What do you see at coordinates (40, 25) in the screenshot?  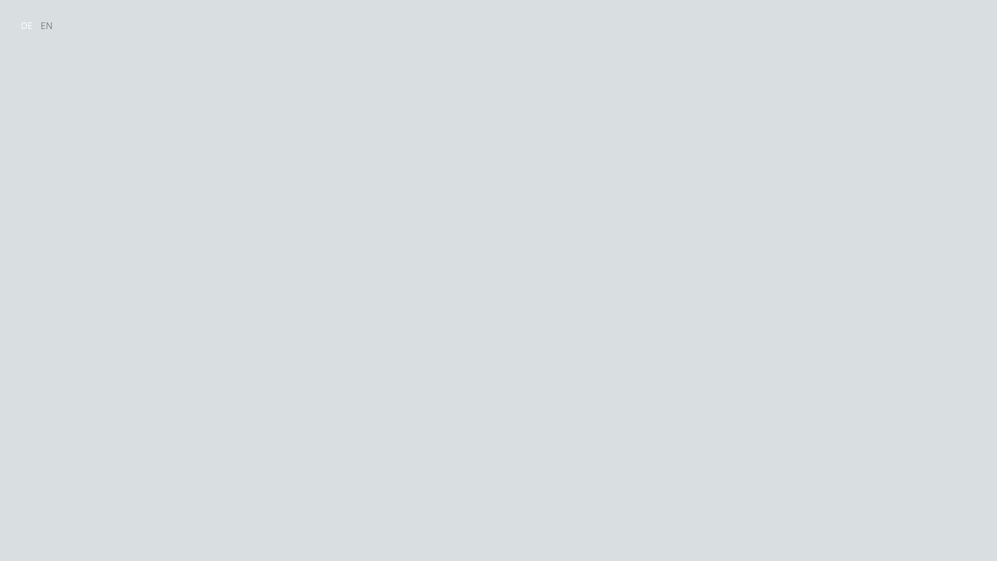 I see `'EN'` at bounding box center [40, 25].